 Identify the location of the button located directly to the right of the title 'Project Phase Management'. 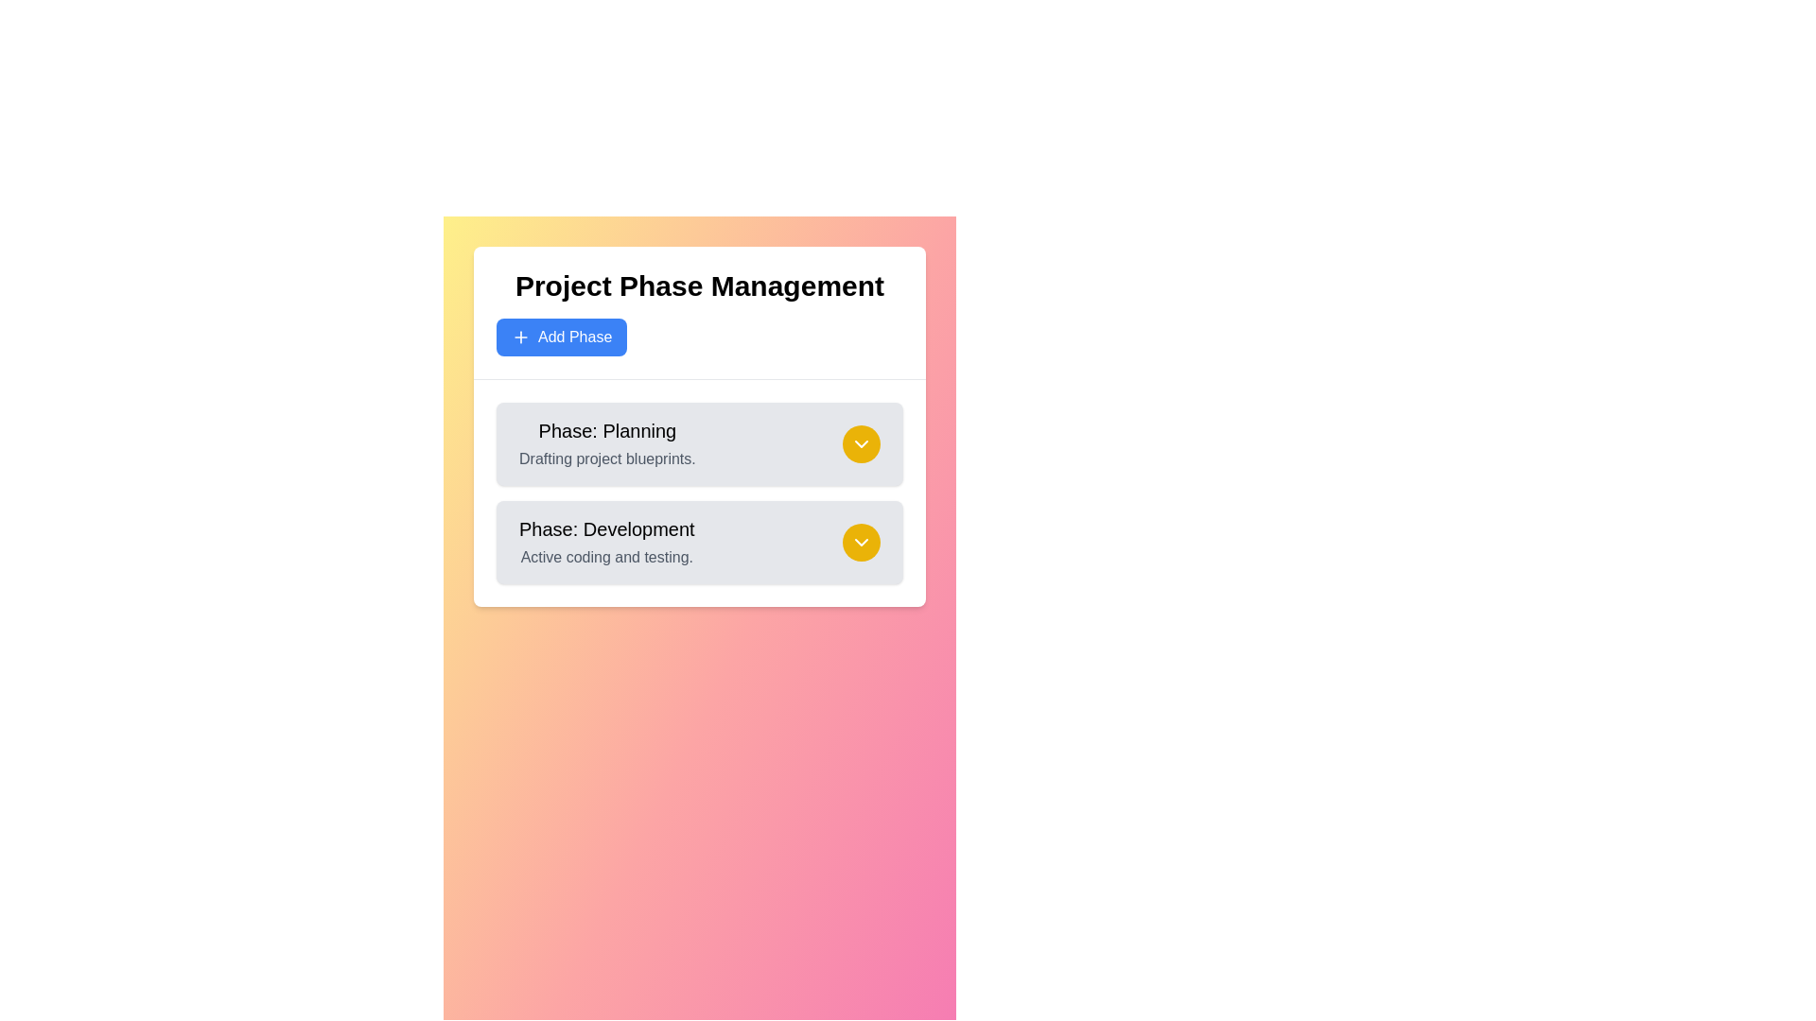
(561, 337).